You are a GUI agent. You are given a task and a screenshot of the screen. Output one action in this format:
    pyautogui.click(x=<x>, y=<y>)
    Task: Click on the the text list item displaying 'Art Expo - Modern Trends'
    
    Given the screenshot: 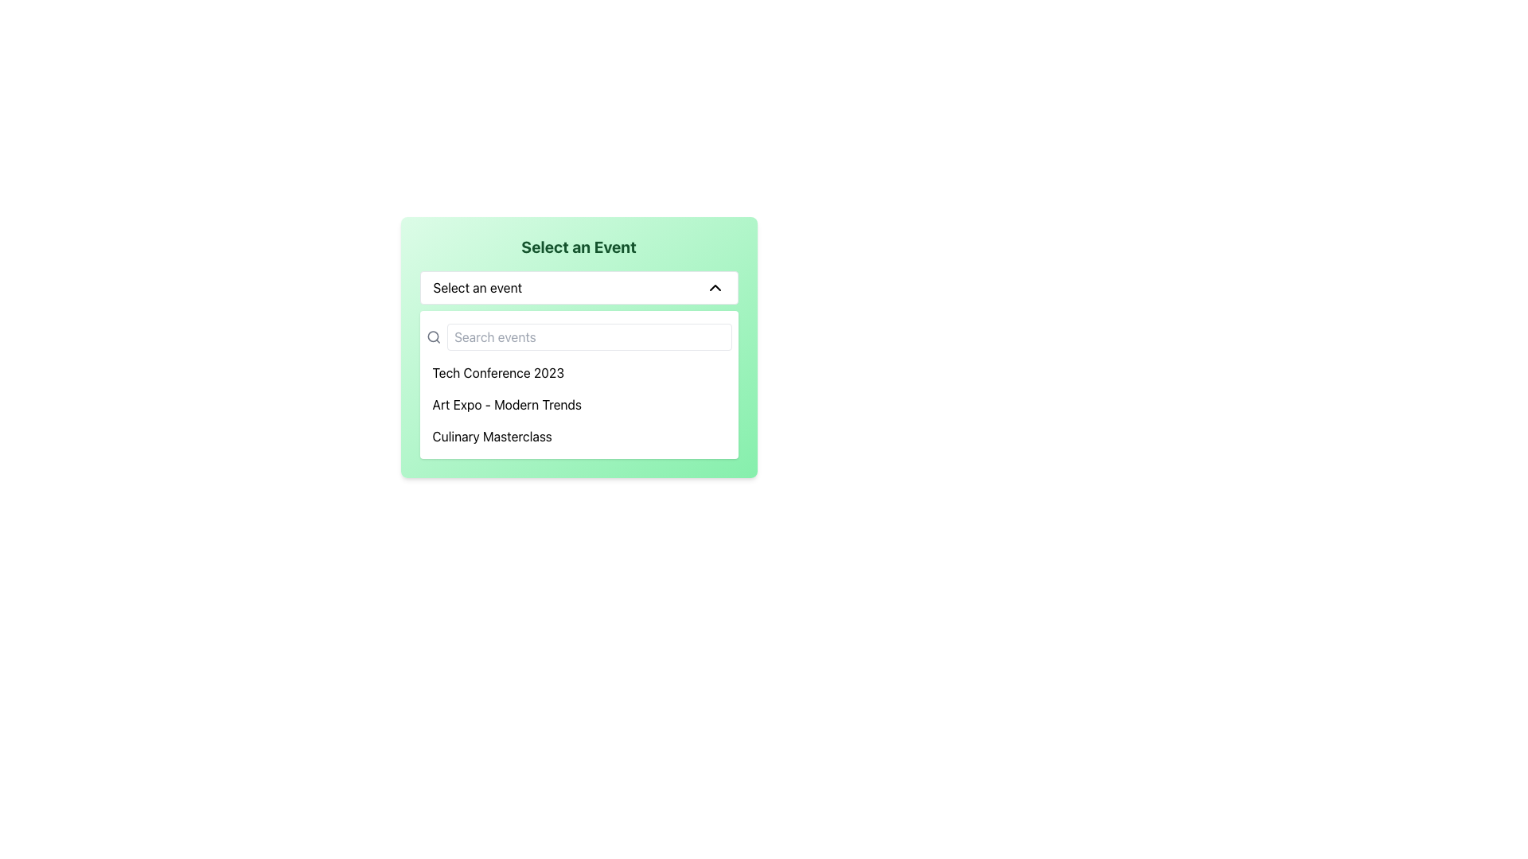 What is the action you would take?
    pyautogui.click(x=578, y=404)
    